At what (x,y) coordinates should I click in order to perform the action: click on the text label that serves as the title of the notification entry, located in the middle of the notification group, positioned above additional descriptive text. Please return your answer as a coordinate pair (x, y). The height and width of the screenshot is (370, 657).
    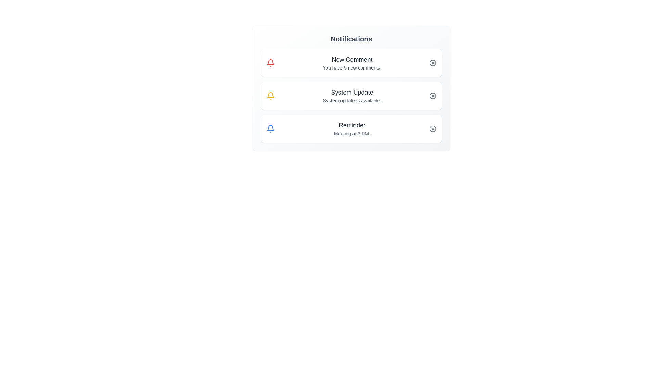
    Looking at the image, I should click on (352, 92).